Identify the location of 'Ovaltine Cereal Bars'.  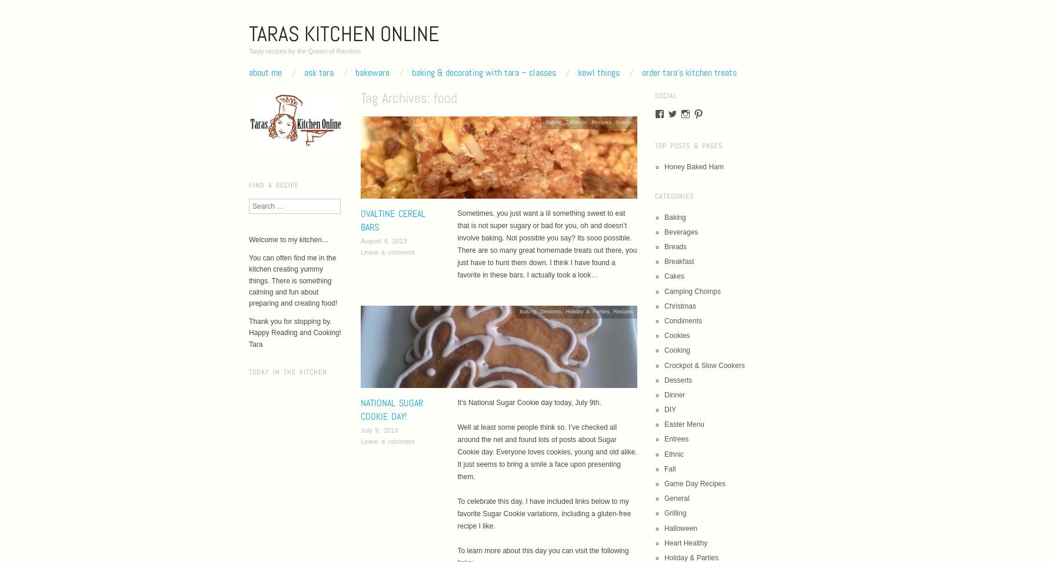
(393, 220).